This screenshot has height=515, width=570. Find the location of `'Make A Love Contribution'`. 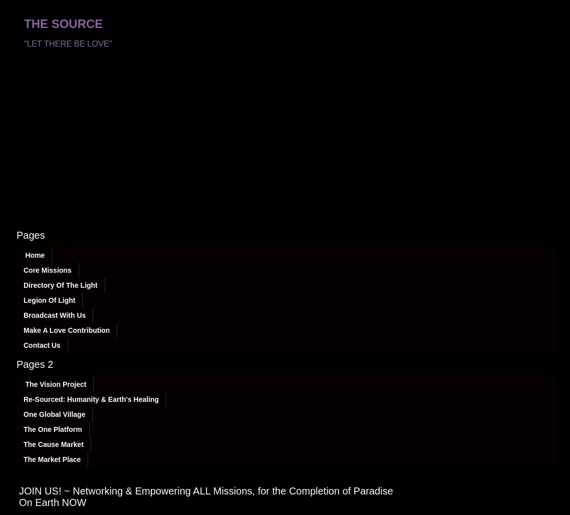

'Make A Love Contribution' is located at coordinates (67, 329).